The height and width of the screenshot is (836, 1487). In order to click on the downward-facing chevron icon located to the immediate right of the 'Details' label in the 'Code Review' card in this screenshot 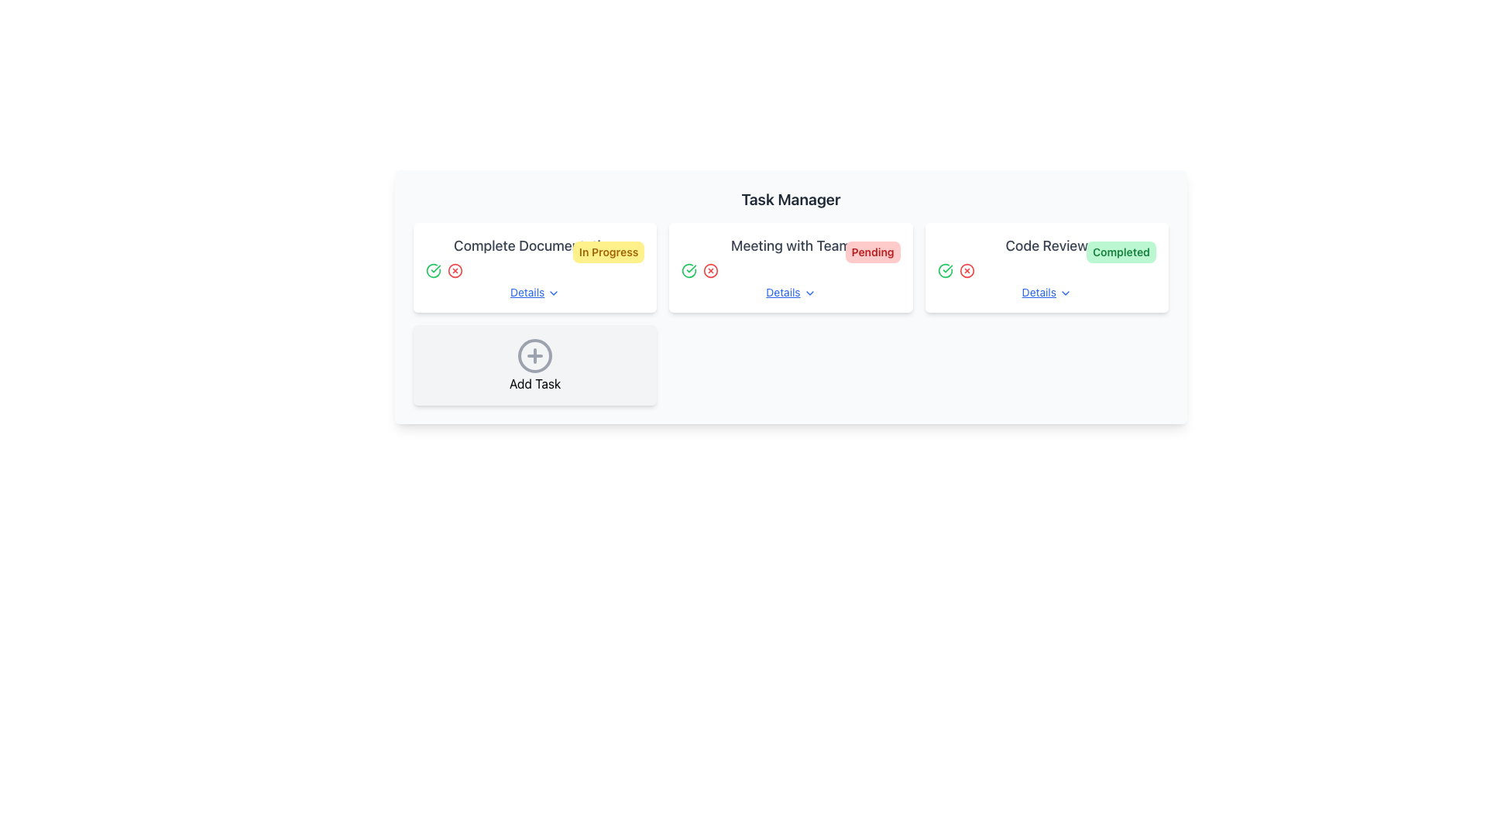, I will do `click(1064, 293)`.